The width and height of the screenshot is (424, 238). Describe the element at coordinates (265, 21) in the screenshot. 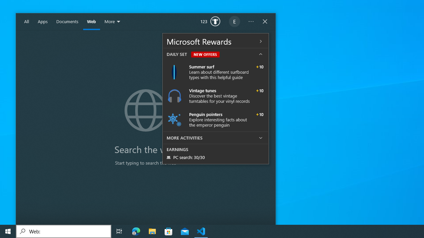

I see `'Close Windows Search'` at that location.